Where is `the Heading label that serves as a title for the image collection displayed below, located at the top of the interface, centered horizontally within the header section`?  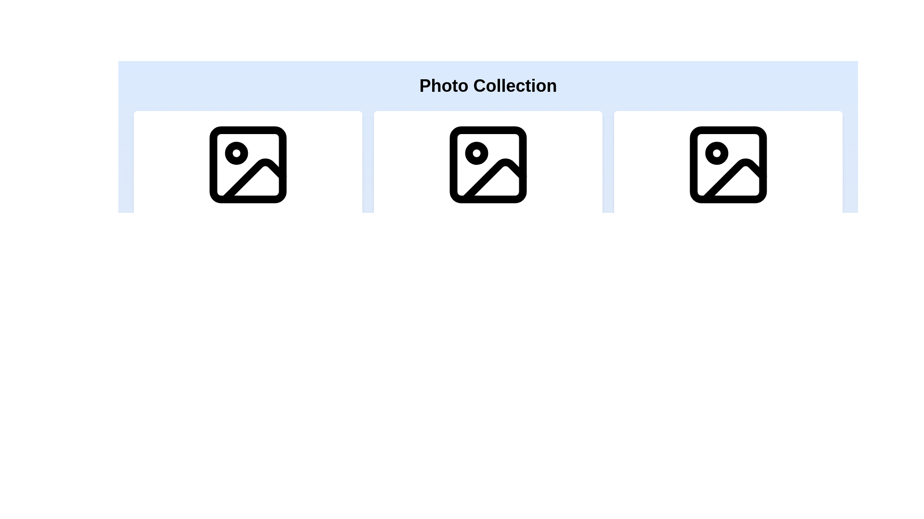
the Heading label that serves as a title for the image collection displayed below, located at the top of the interface, centered horizontally within the header section is located at coordinates (488, 85).